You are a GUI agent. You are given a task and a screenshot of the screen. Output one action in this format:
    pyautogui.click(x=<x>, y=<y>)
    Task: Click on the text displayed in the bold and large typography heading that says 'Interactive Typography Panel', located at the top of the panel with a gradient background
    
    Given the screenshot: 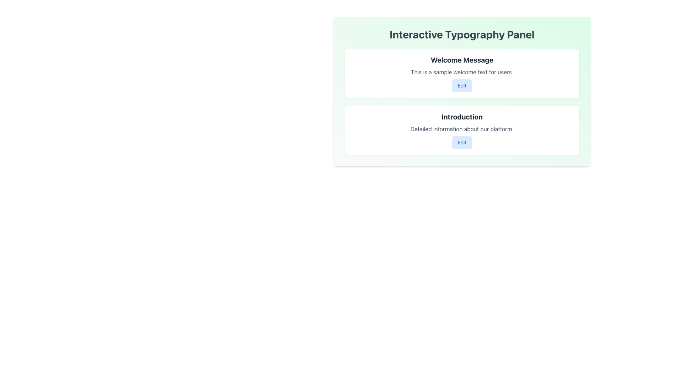 What is the action you would take?
    pyautogui.click(x=462, y=34)
    